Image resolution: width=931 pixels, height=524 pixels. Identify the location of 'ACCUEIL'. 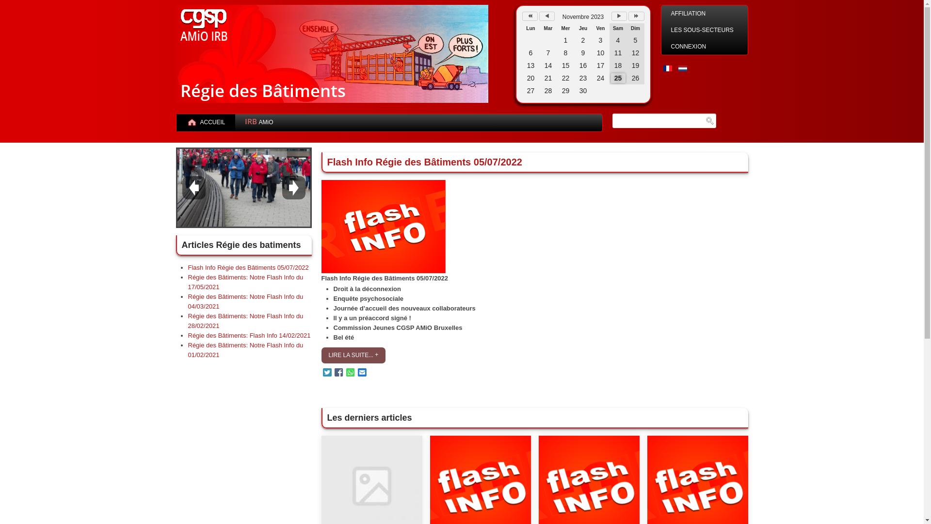
(205, 122).